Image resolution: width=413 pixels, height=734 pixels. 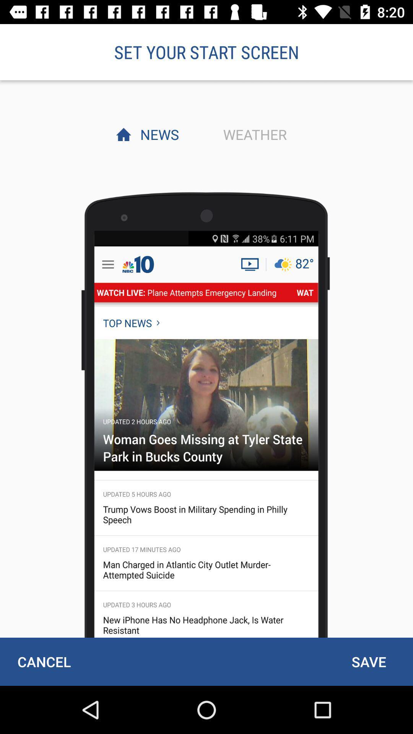 I want to click on the news icon, so click(x=157, y=134).